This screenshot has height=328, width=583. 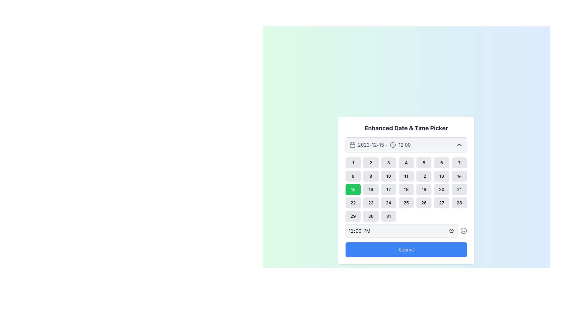 I want to click on a day cell in the date picker grid located within the 'Enhanced Date & Time Picker' modal, so click(x=406, y=197).